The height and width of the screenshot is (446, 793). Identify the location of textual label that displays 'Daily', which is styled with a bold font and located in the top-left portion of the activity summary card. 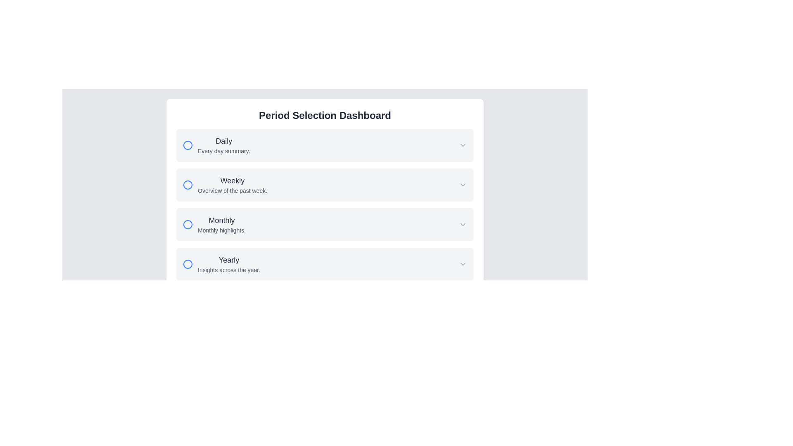
(224, 141).